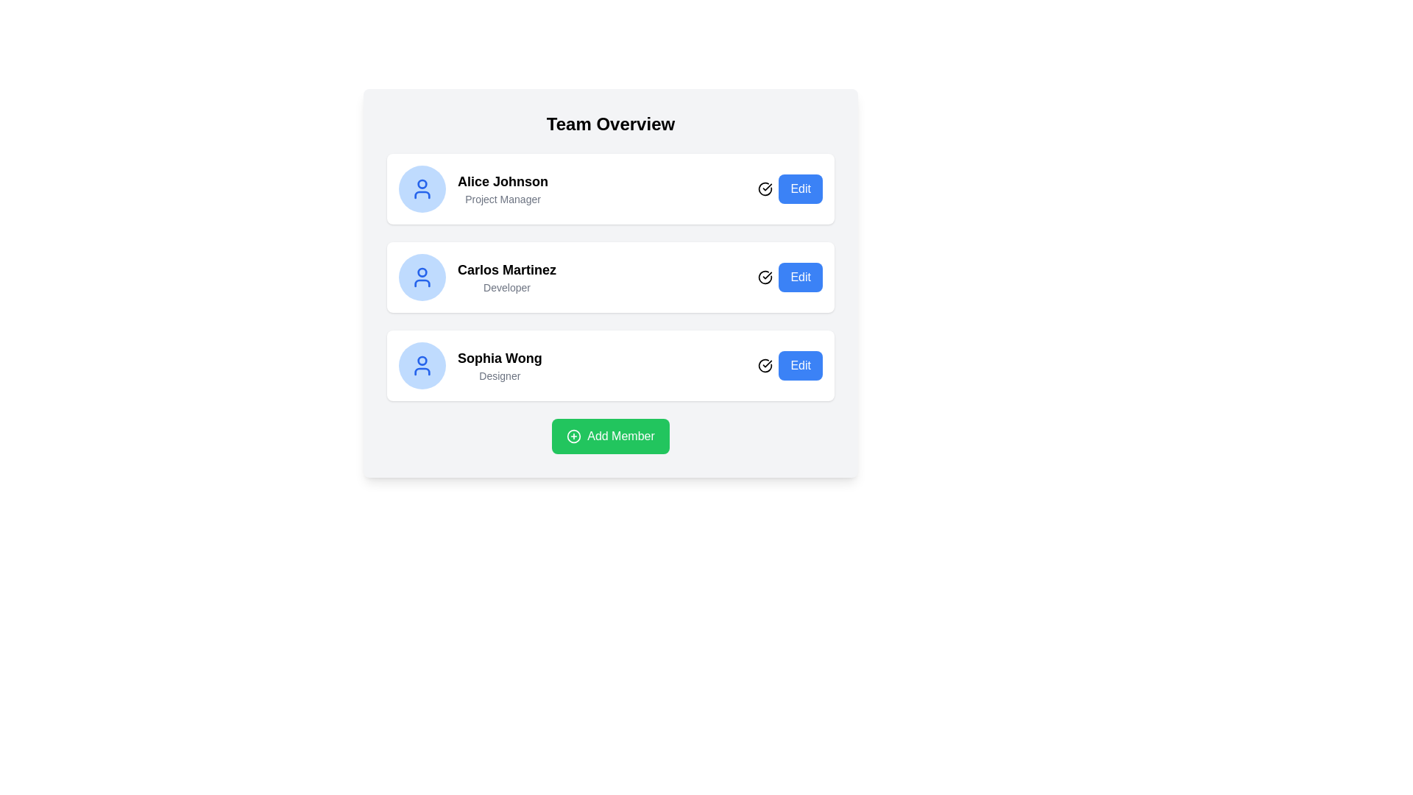 The image size is (1413, 795). What do you see at coordinates (473, 188) in the screenshot?
I see `the topmost profile display card in the team member list` at bounding box center [473, 188].